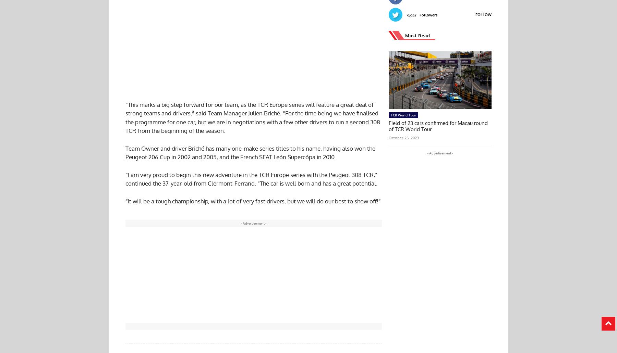 Image resolution: width=617 pixels, height=353 pixels. Describe the element at coordinates (252, 117) in the screenshot. I see `'“This marks a big step forward for our team, as the TCR Europe series will feature a great deal of strong teams and drivers,” said Team Manager Julien Briché. “For the time being we have finalised the programme for one car, but we are in negotiations with a few other drivers to run a second 308 TCR from the beginning of the season.'` at that location.